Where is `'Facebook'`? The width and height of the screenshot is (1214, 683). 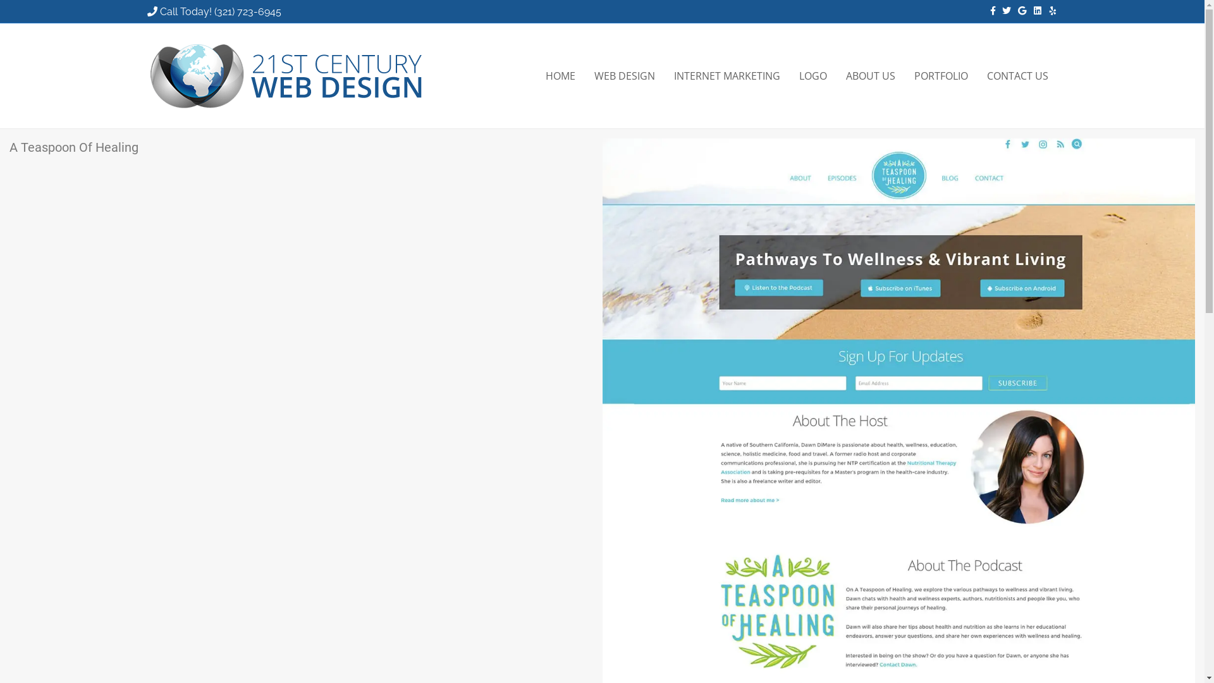
'Facebook' is located at coordinates (986, 9).